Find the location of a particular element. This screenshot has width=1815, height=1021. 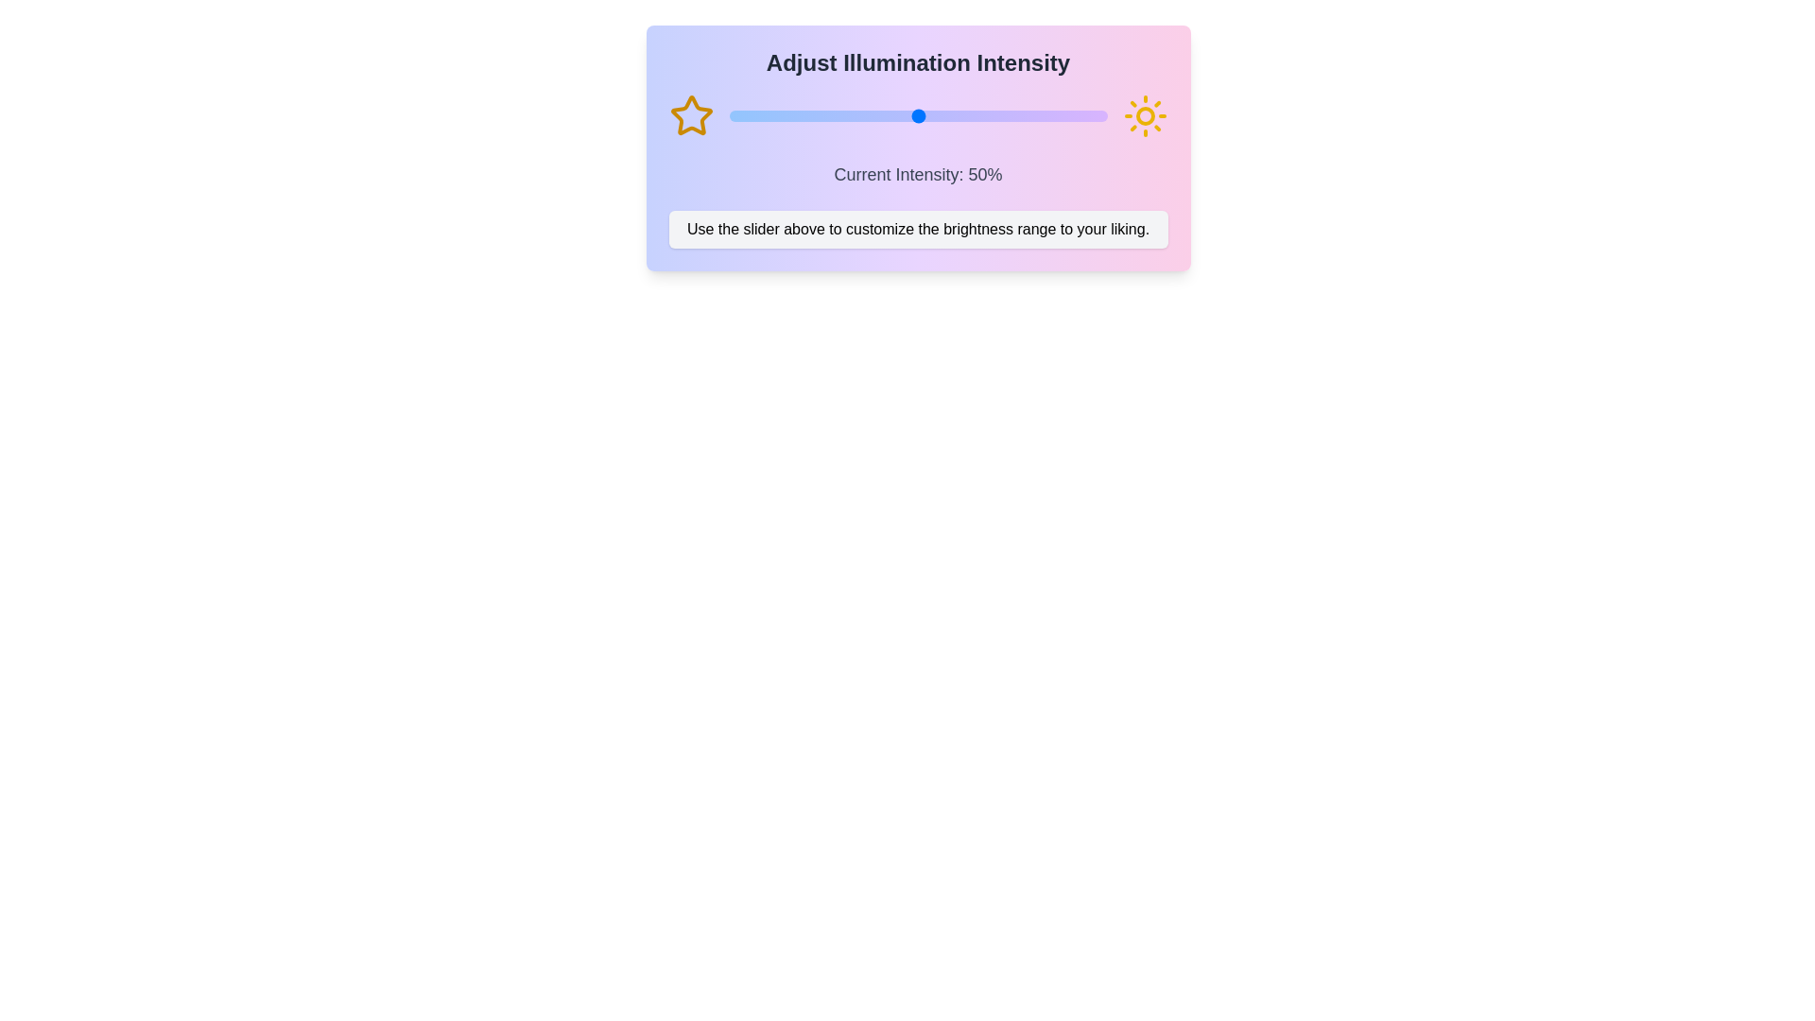

the slider to set the intensity to 30% is located at coordinates (841, 116).